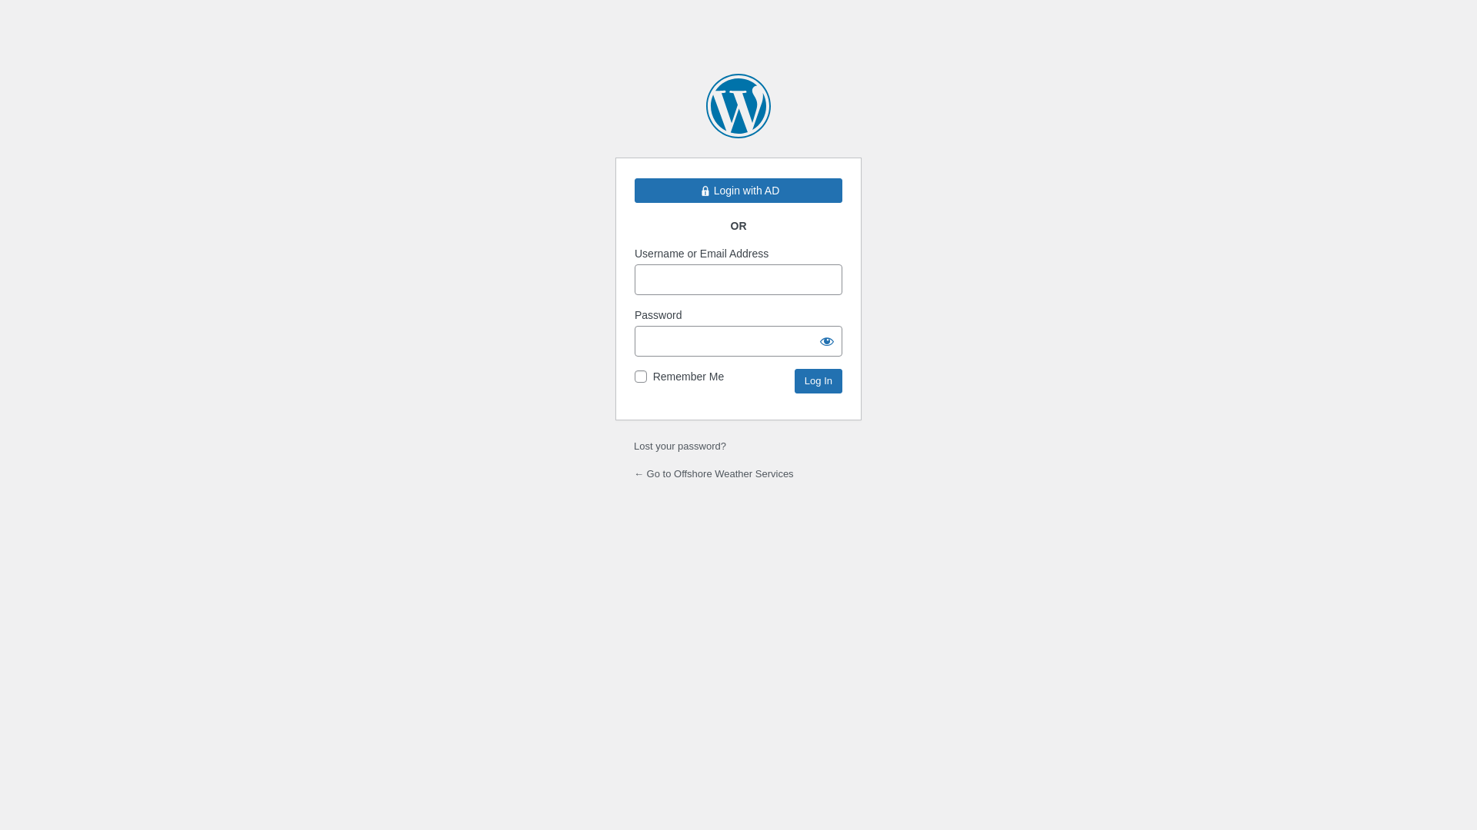 This screenshot has width=1477, height=830. I want to click on 'Powered by WordPress', so click(738, 105).